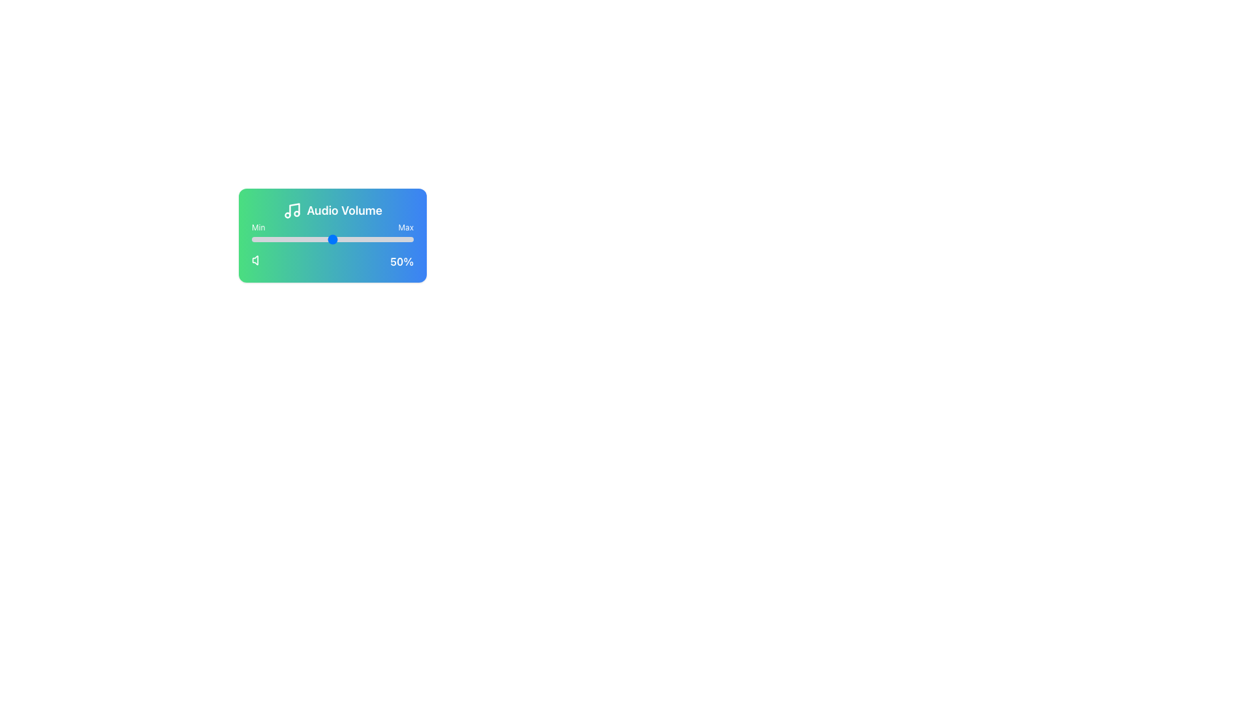  I want to click on the audio volume slider, so click(332, 239).